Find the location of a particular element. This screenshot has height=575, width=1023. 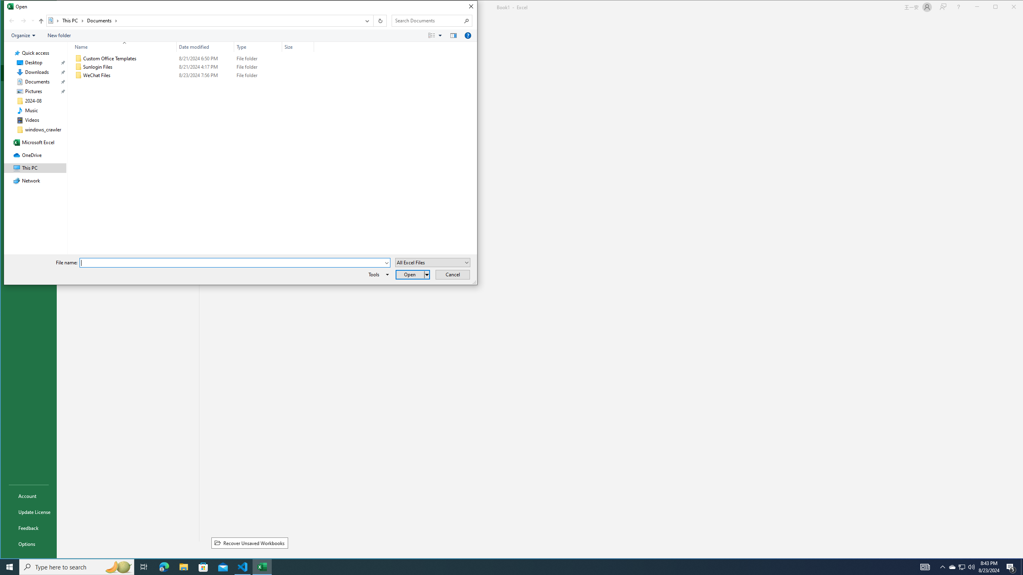

'Previous Locations' is located at coordinates (366, 20).